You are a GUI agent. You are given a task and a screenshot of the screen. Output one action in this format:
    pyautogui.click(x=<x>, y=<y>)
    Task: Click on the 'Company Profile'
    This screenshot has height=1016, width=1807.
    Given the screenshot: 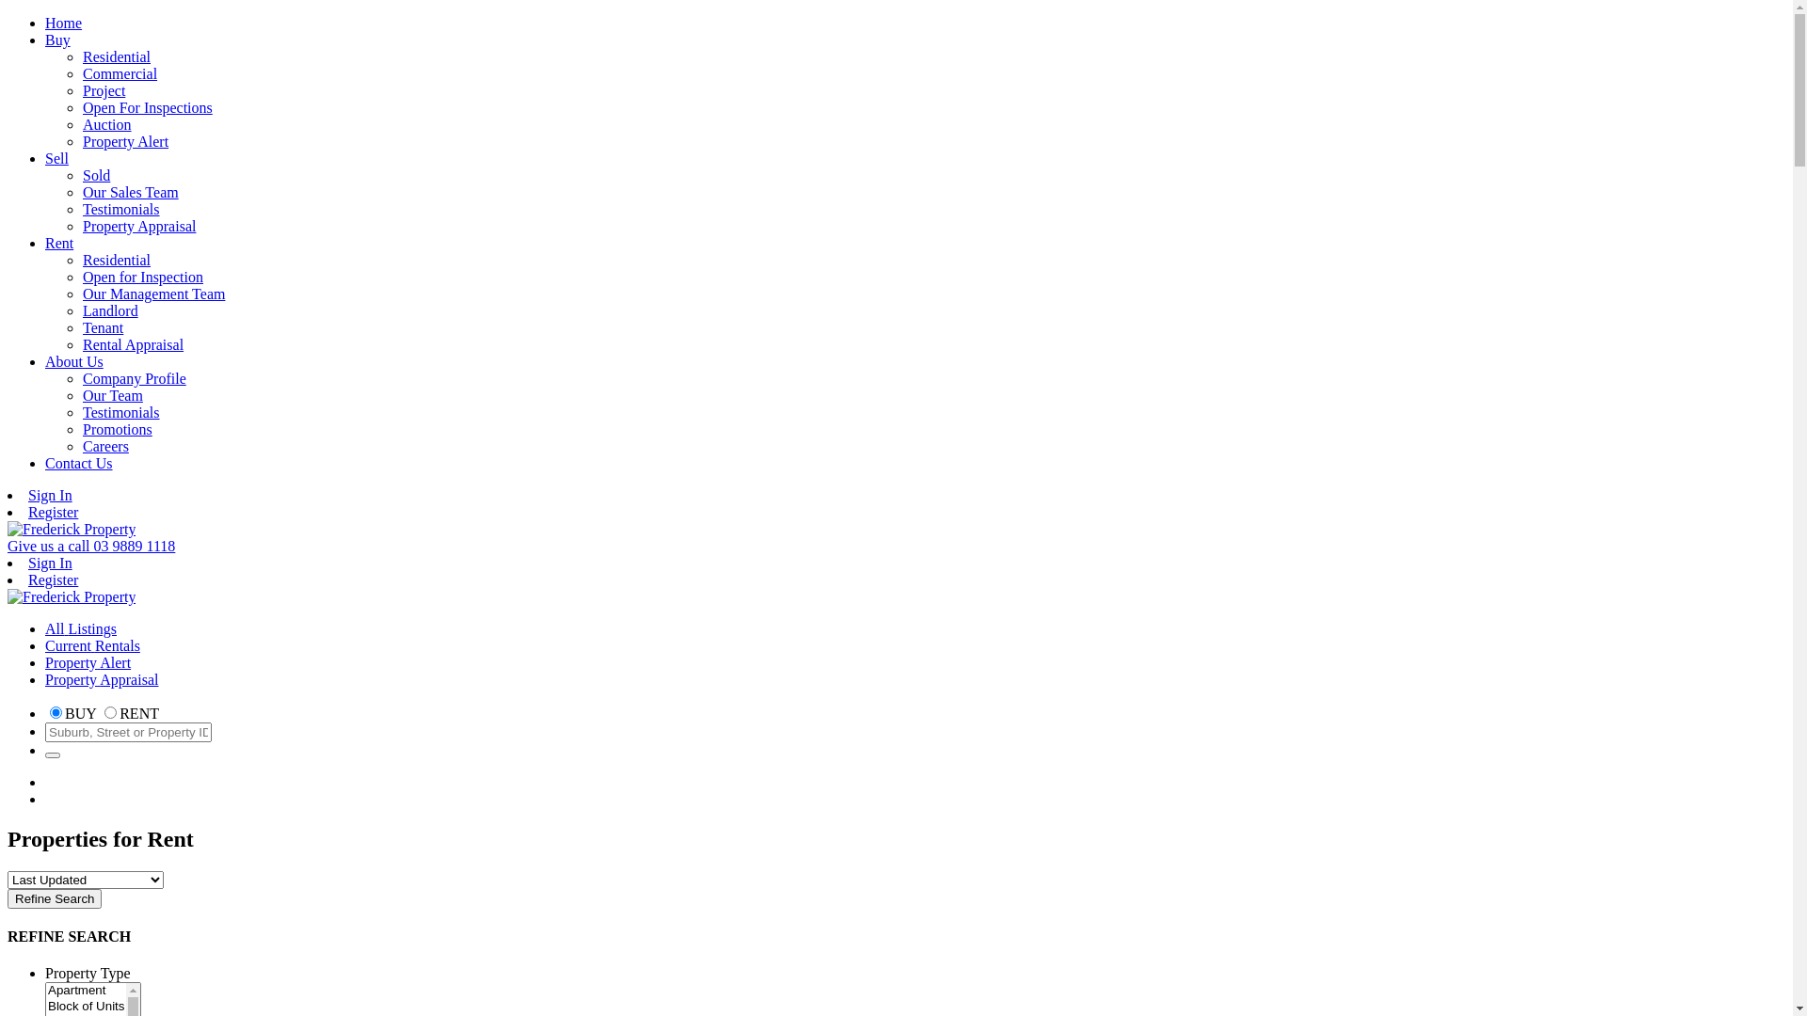 What is the action you would take?
    pyautogui.click(x=134, y=378)
    